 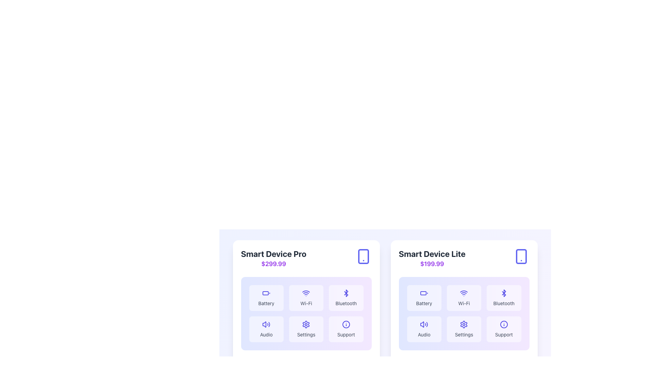 What do you see at coordinates (363, 257) in the screenshot?
I see `the decorative smartphone icon representing 'Smart Device Pro'` at bounding box center [363, 257].